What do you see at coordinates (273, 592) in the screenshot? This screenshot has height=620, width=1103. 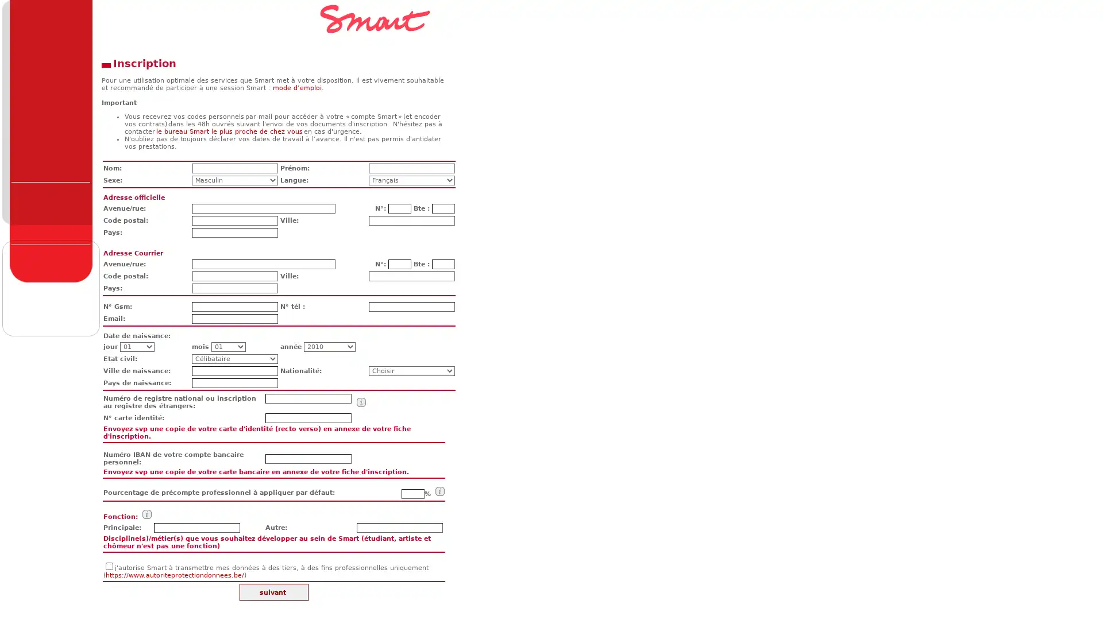 I see `suivant` at bounding box center [273, 592].